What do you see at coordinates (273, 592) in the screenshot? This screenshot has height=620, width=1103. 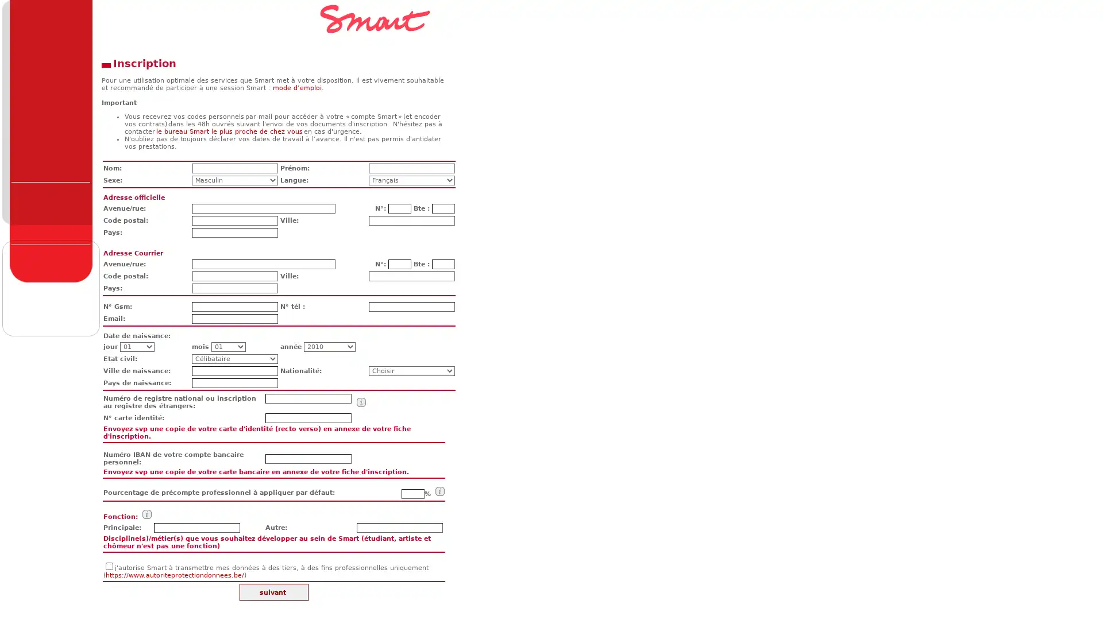 I see `suivant` at bounding box center [273, 592].